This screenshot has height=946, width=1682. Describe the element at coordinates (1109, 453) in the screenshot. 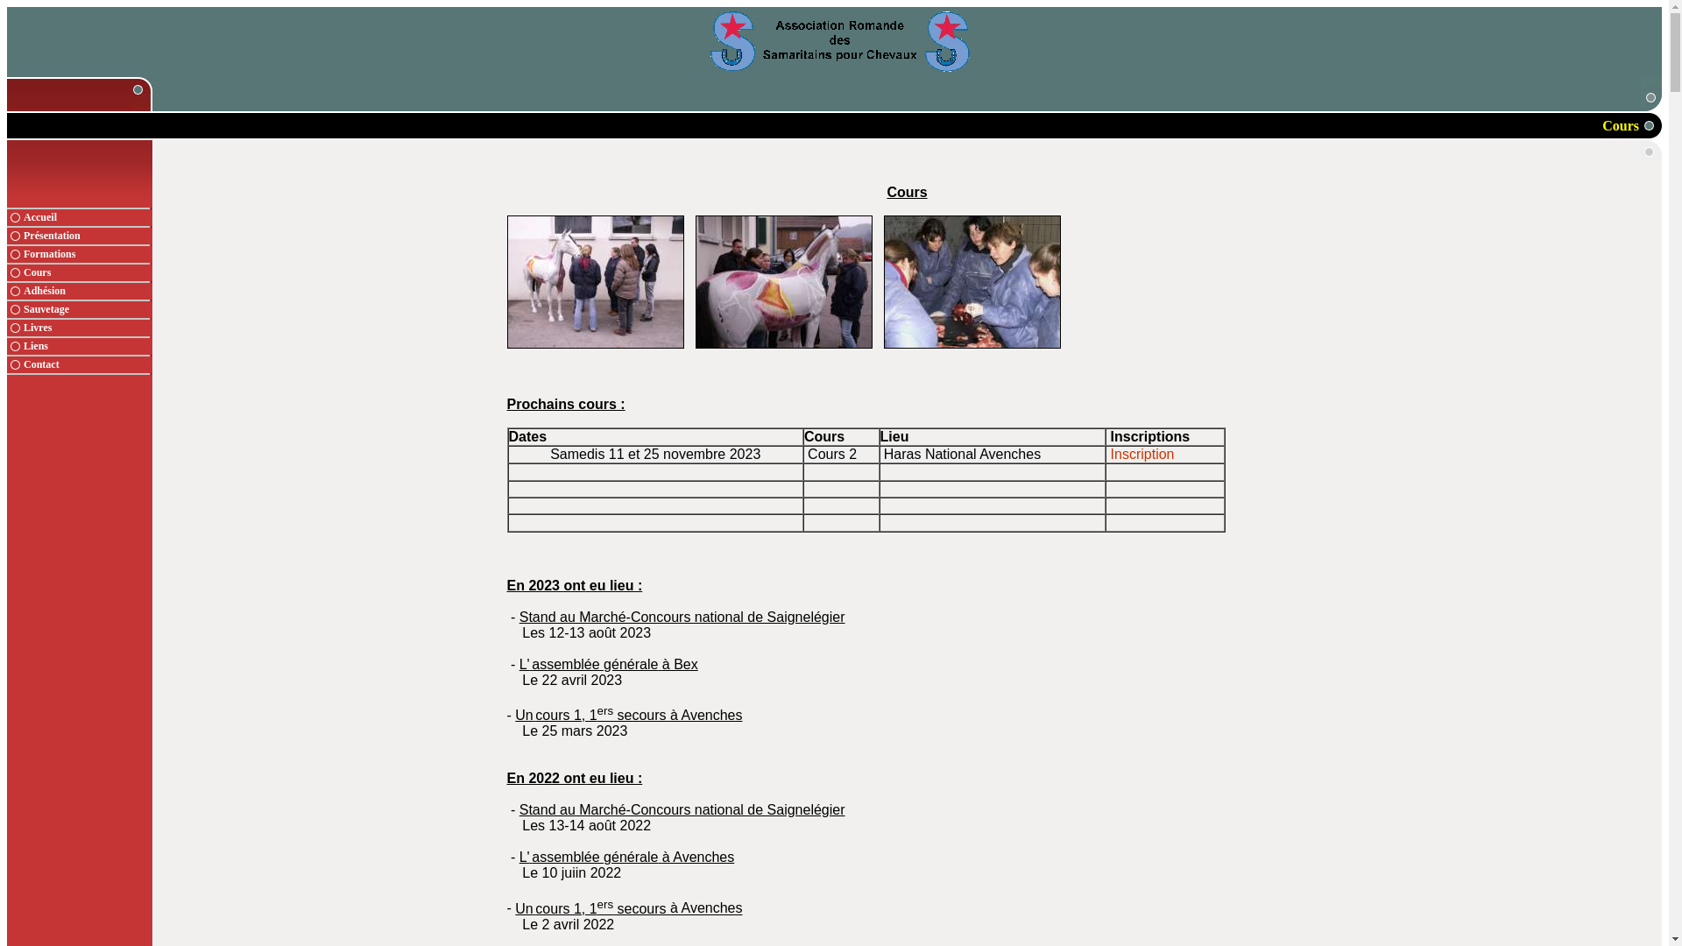

I see `'Inscription'` at that location.